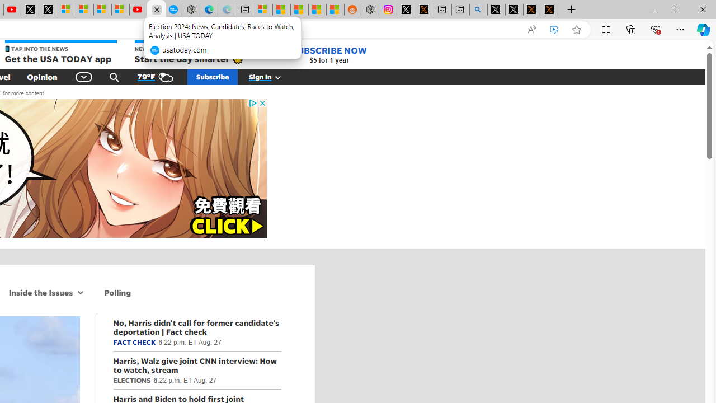 This screenshot has width=716, height=403. What do you see at coordinates (262, 103) in the screenshot?
I see `'AutomationID: close_button_svg'` at bounding box center [262, 103].